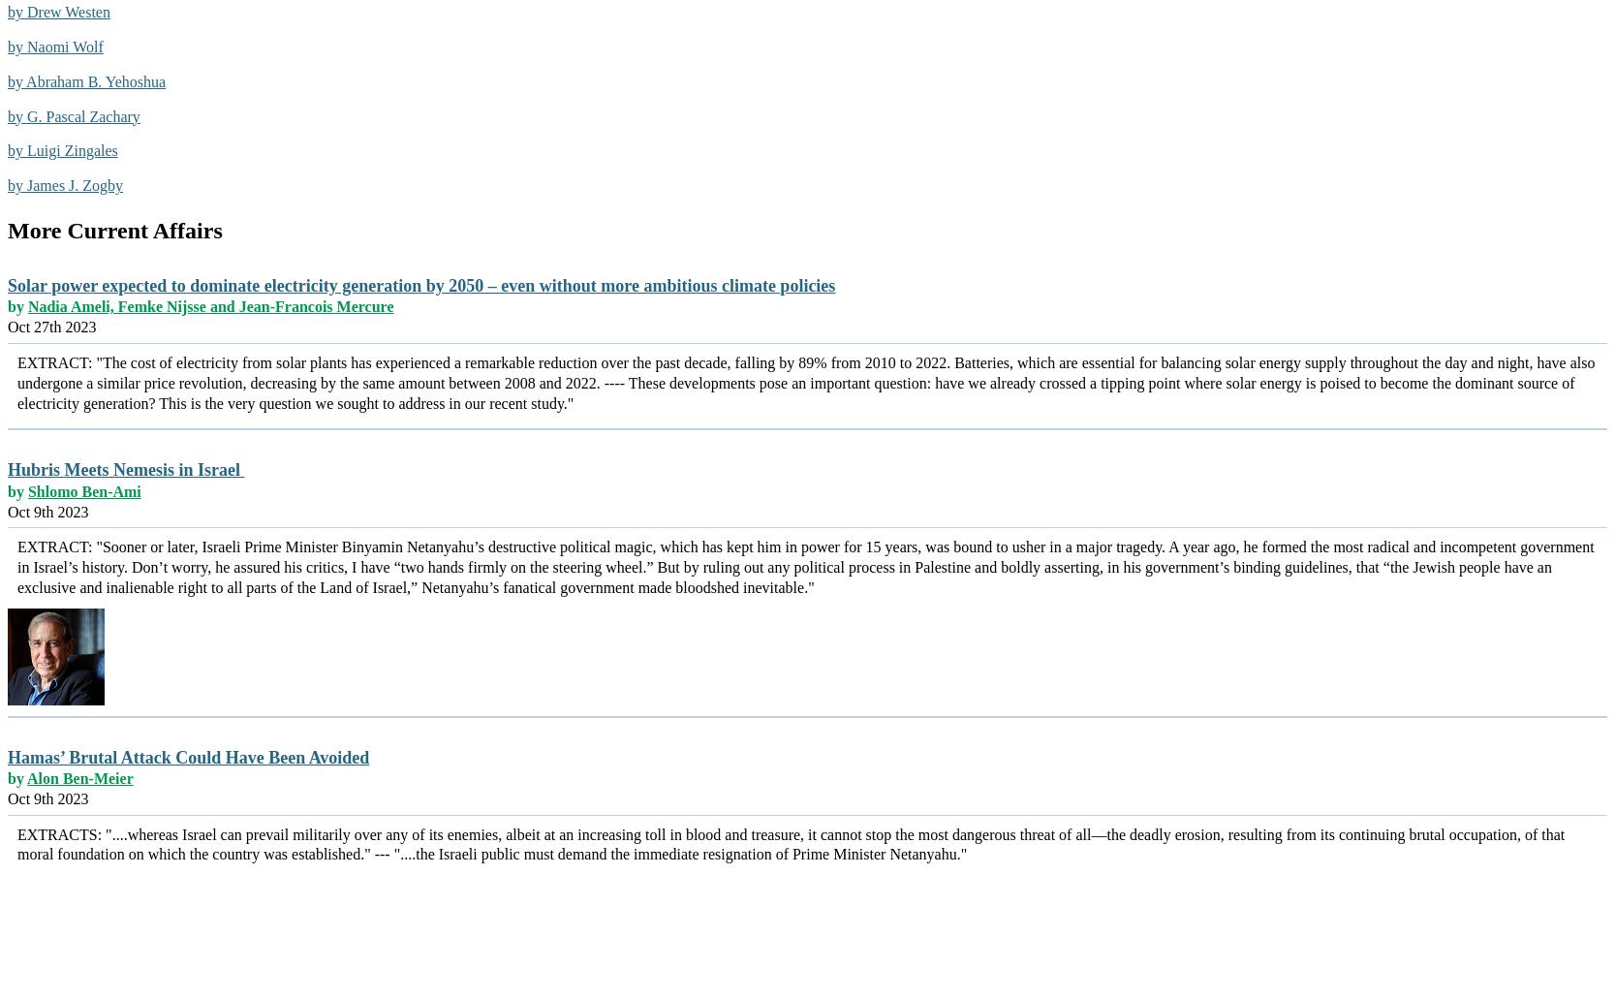 Image resolution: width=1615 pixels, height=1000 pixels. What do you see at coordinates (8, 184) in the screenshot?
I see `'by James J. Zogby'` at bounding box center [8, 184].